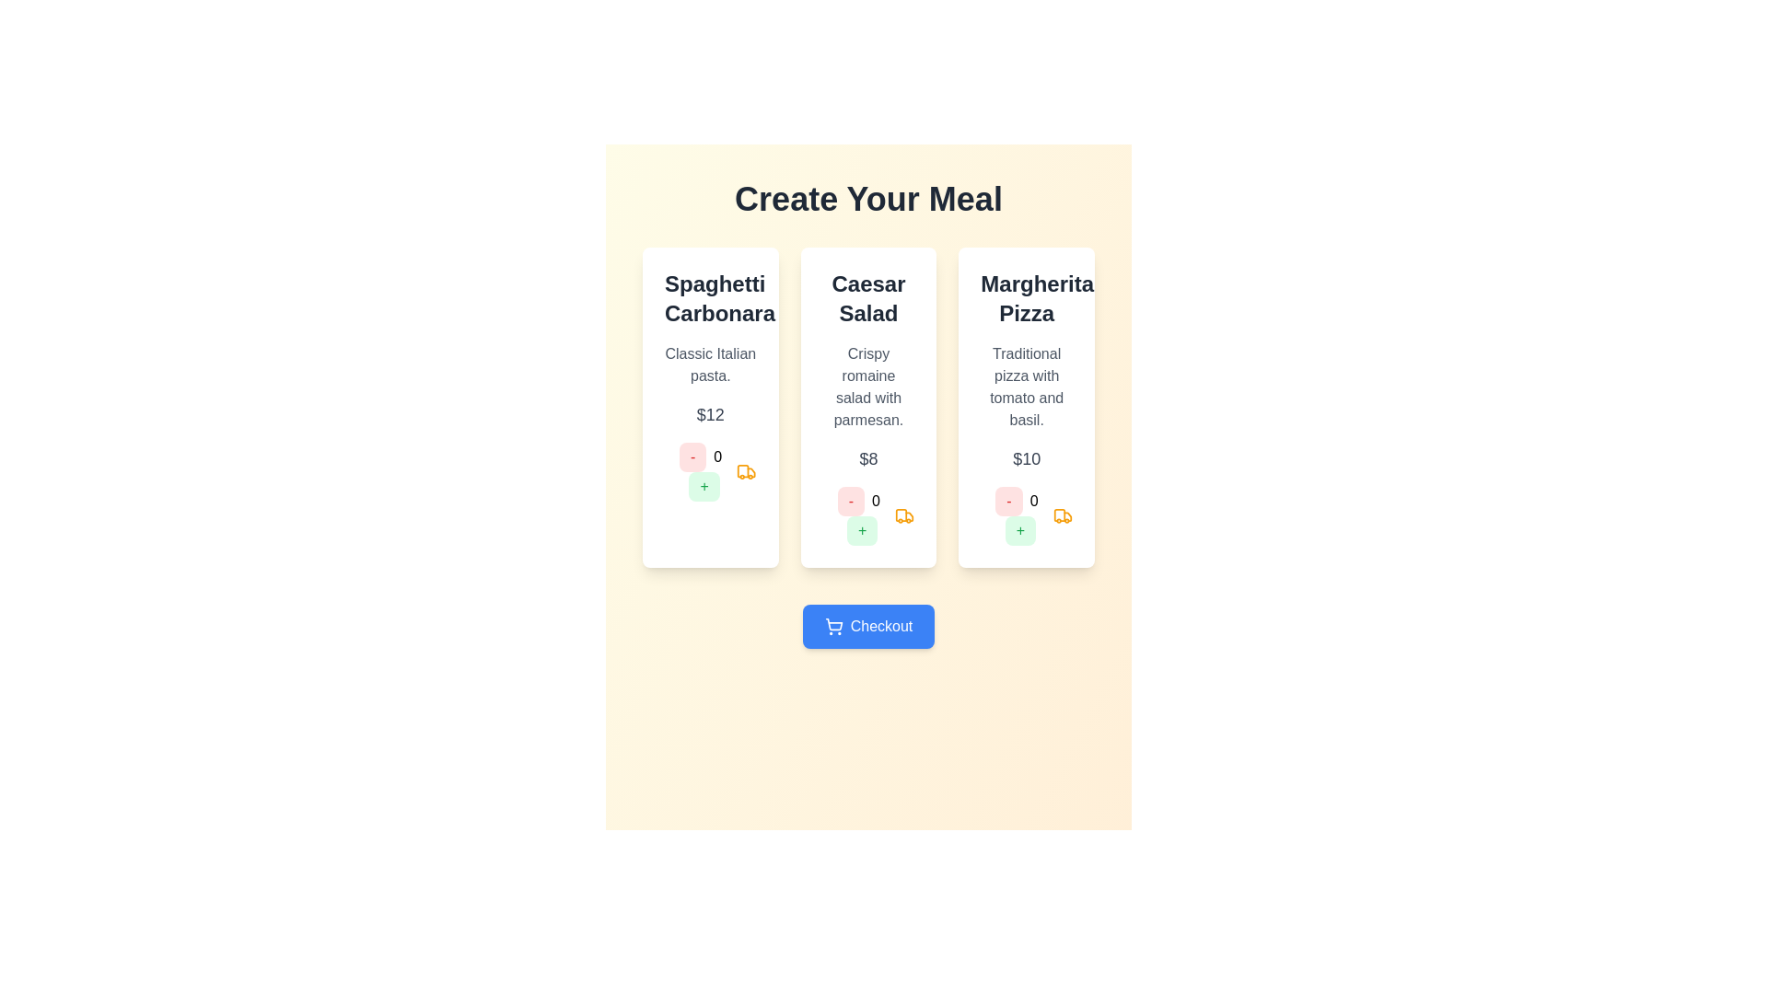  Describe the element at coordinates (832, 623) in the screenshot. I see `the shopping cart vector graphic located at the center of the blue 'Checkout' button` at that location.